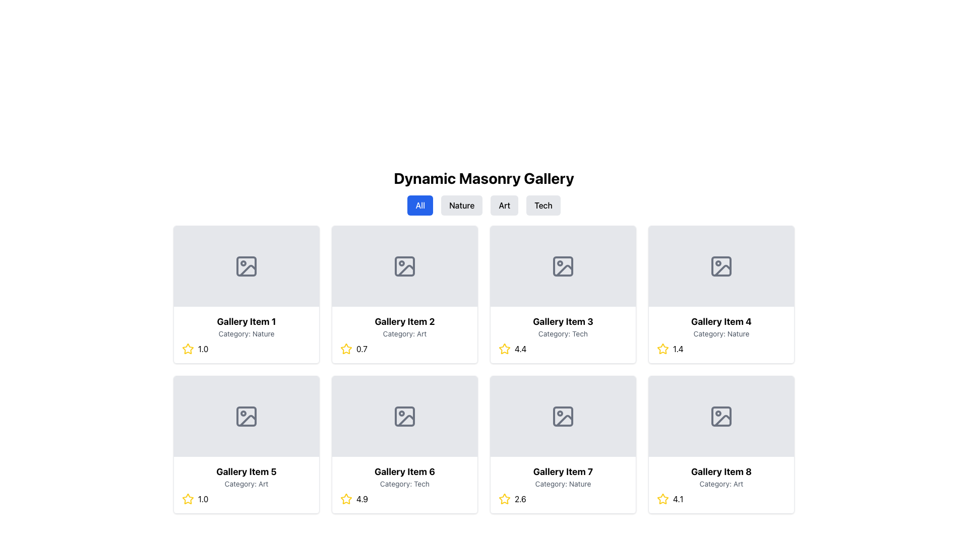 This screenshot has height=544, width=968. I want to click on the gallery item card located in the second row, third column of the gallery layout by moving the cursor to its center point, so click(563, 485).